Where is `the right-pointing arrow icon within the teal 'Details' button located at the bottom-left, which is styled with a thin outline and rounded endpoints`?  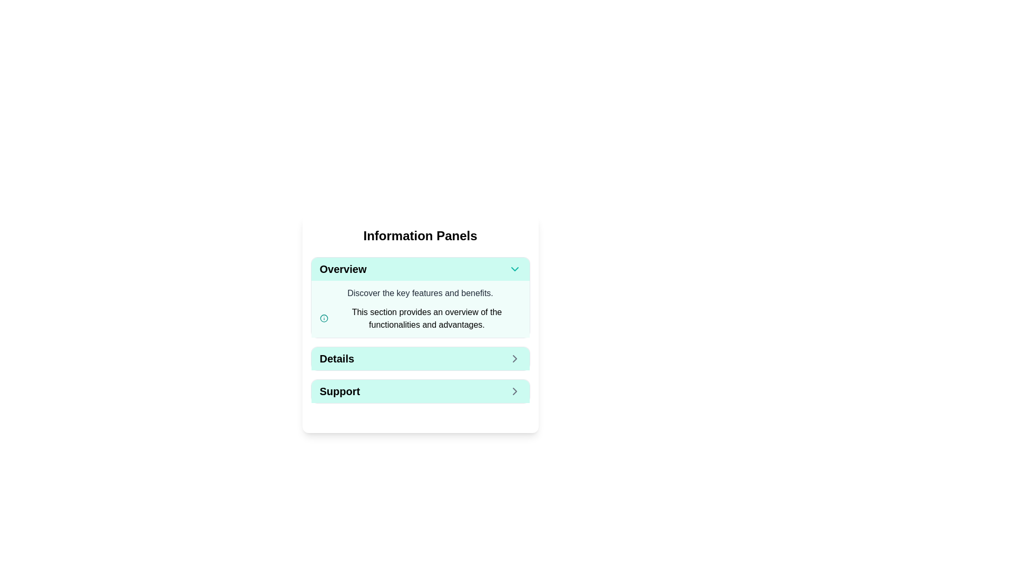 the right-pointing arrow icon within the teal 'Details' button located at the bottom-left, which is styled with a thin outline and rounded endpoints is located at coordinates (514, 358).